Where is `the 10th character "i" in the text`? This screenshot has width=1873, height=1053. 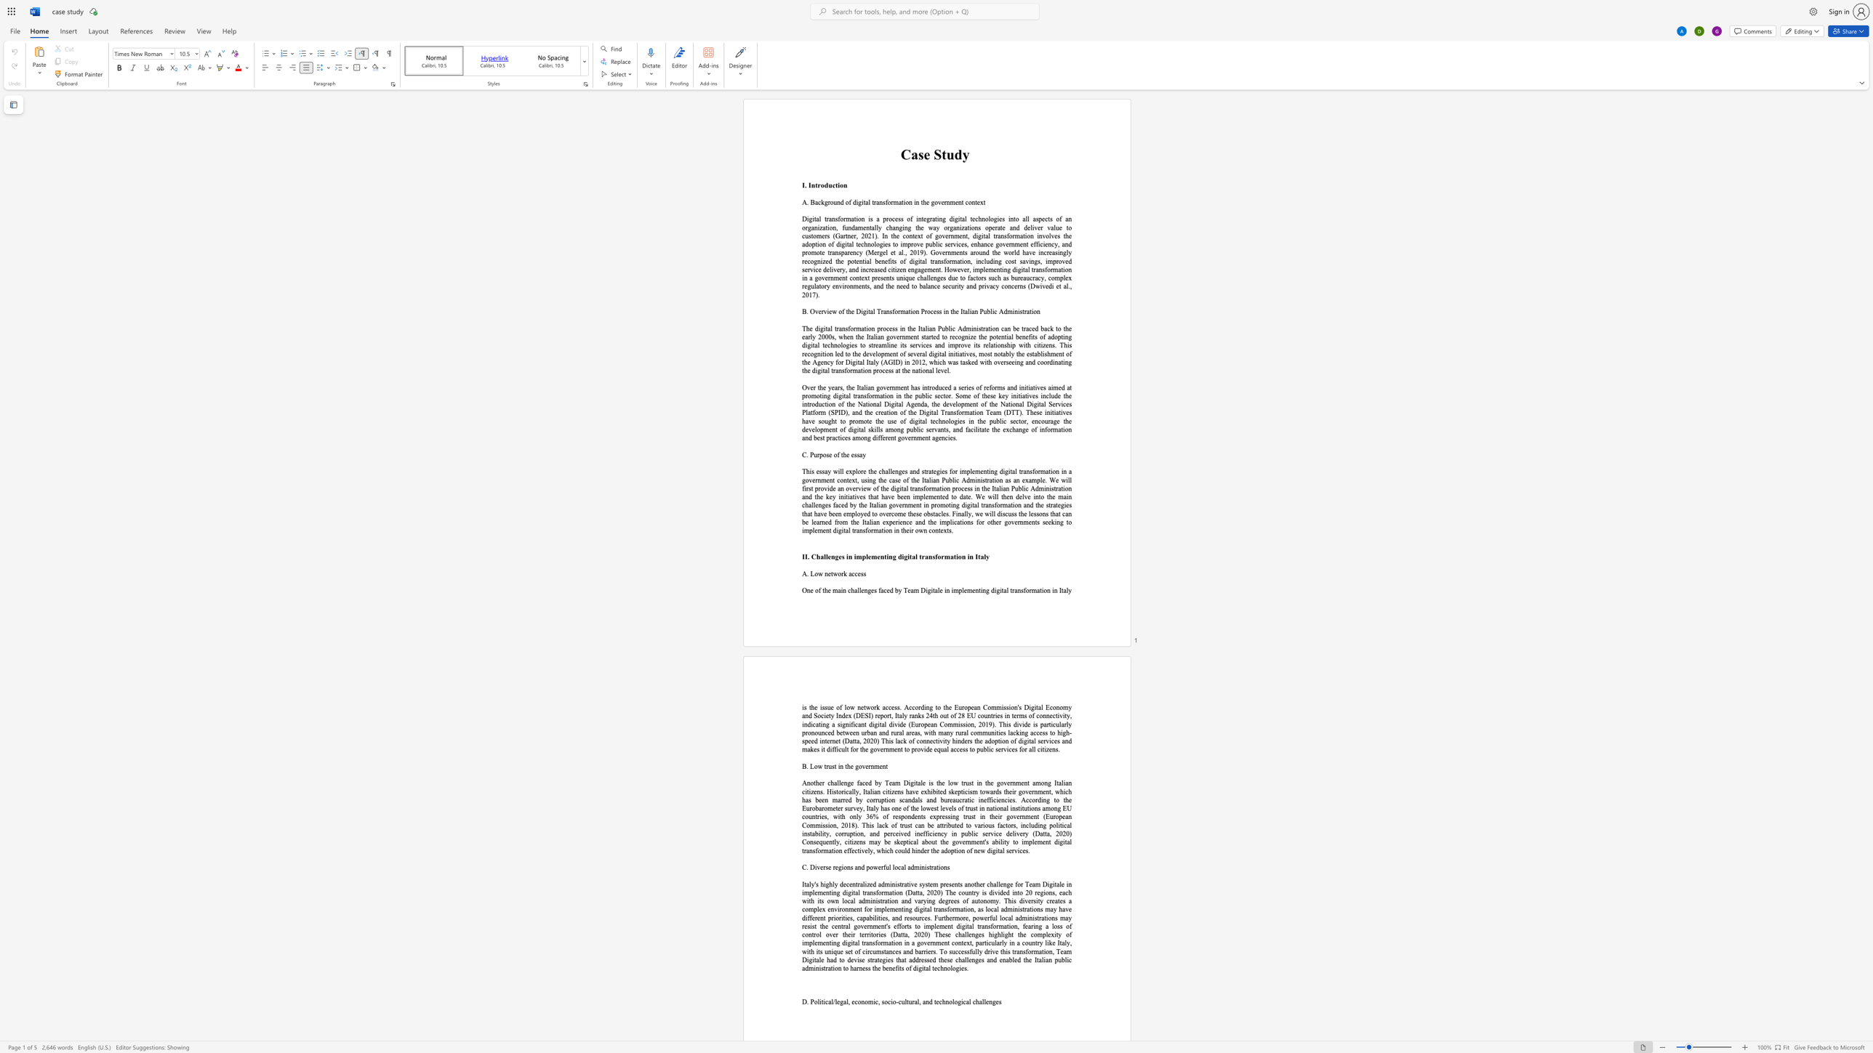 the 10th character "i" in the text is located at coordinates (803, 530).